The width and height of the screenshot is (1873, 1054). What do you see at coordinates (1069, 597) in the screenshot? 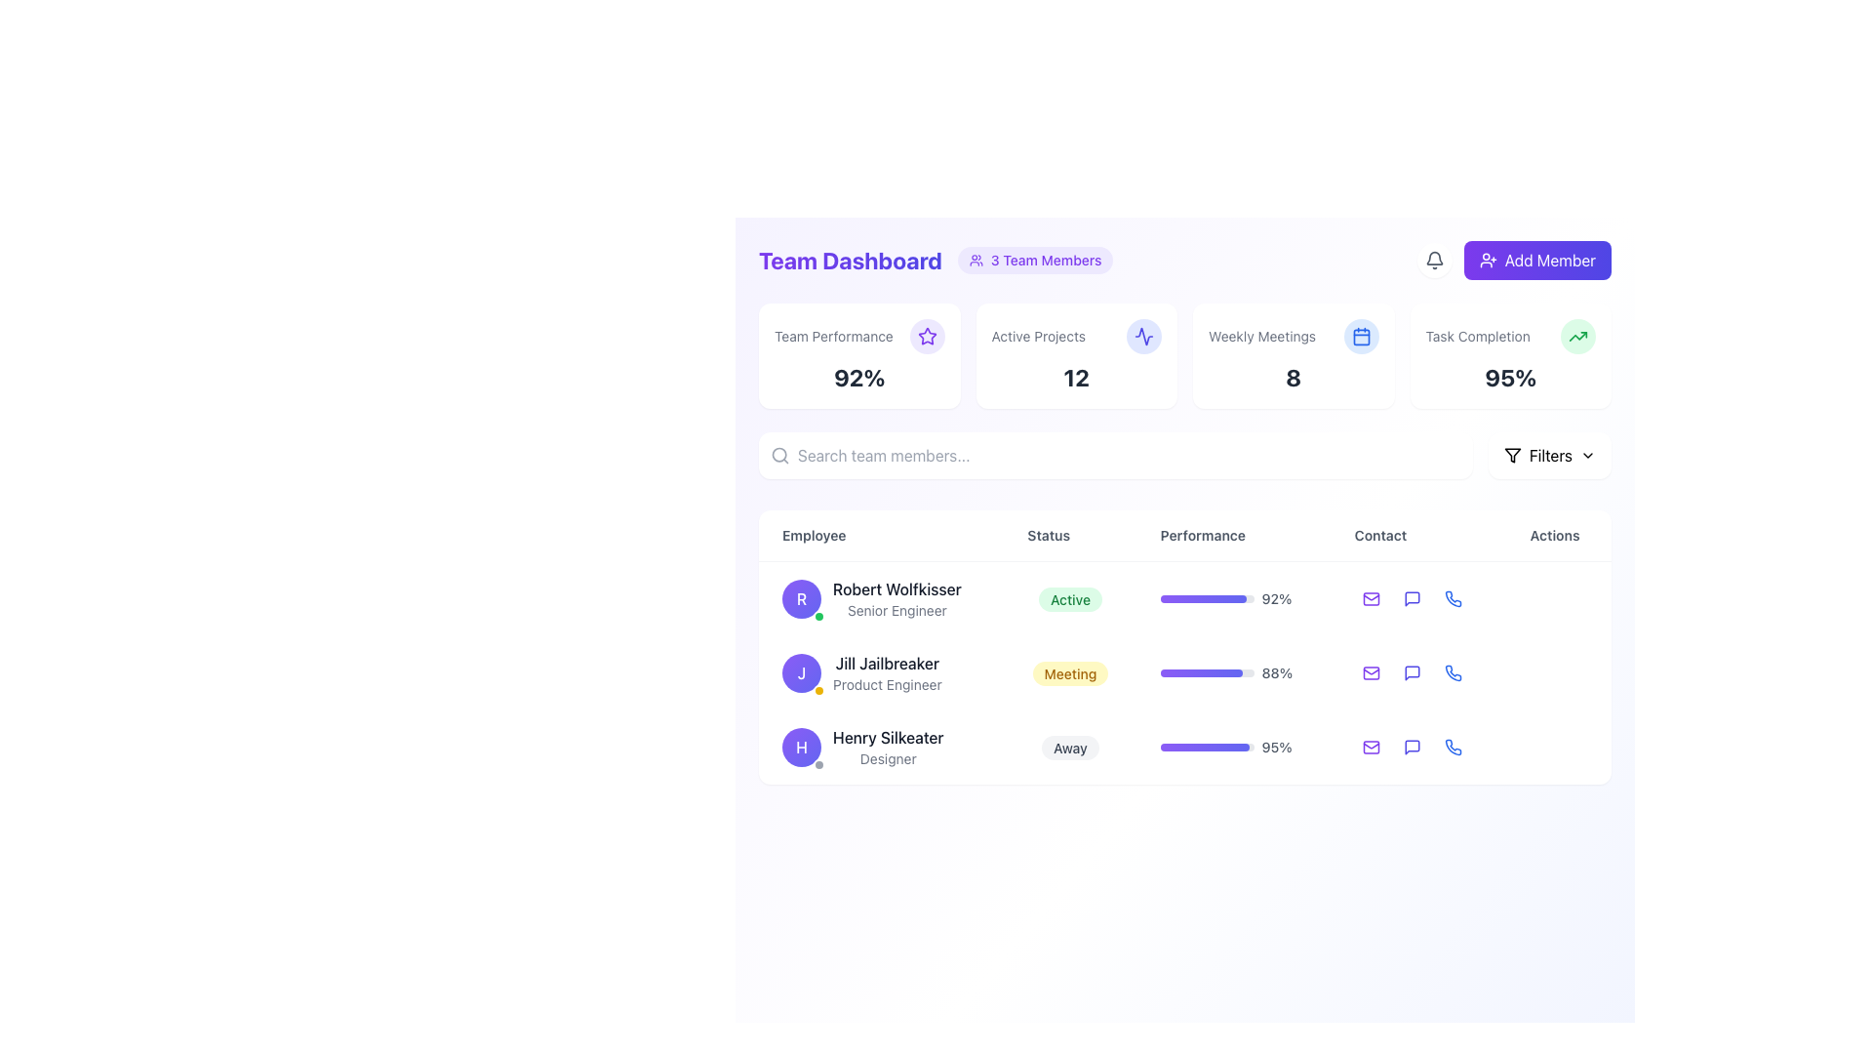
I see `text content of the green badge labeled 'Active' located in the second column of the row for employee 'Robert Wolfkisser (Senior Engineer)' in the 'Team Dashboard'` at bounding box center [1069, 597].